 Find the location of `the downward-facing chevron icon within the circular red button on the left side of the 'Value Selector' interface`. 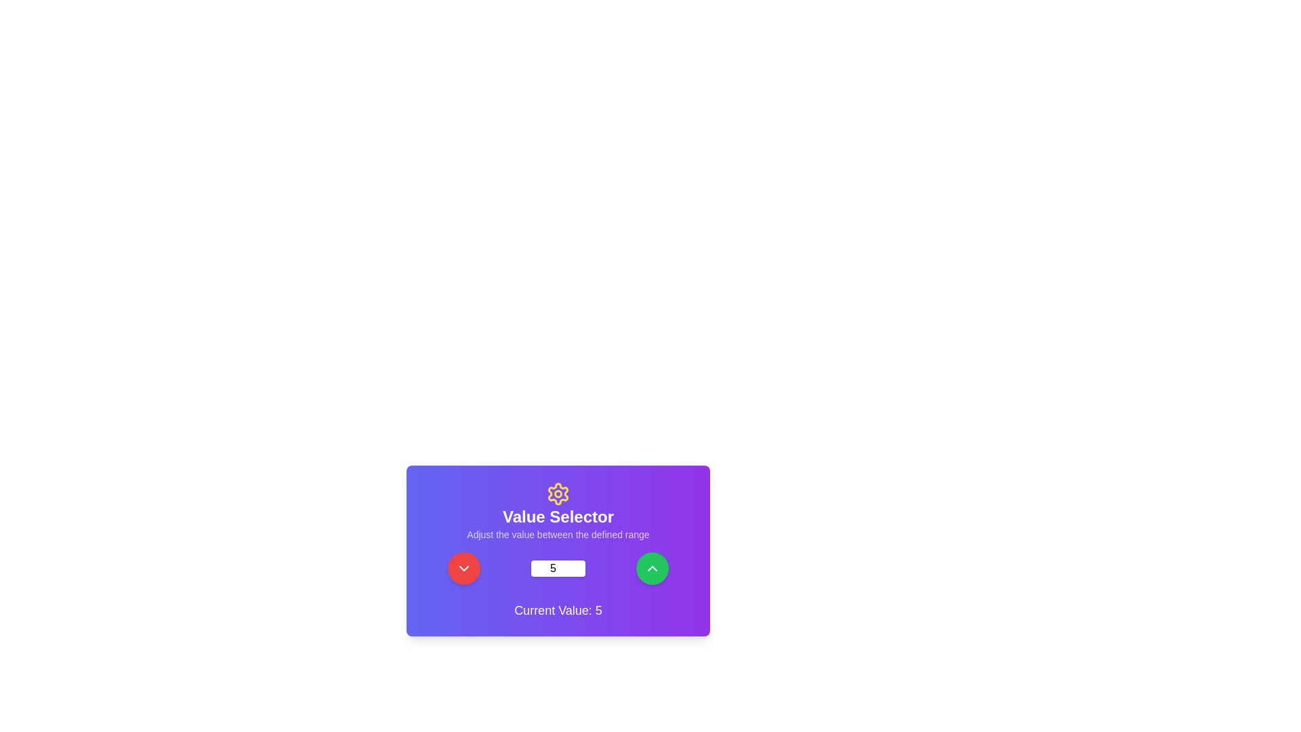

the downward-facing chevron icon within the circular red button on the left side of the 'Value Selector' interface is located at coordinates (464, 569).